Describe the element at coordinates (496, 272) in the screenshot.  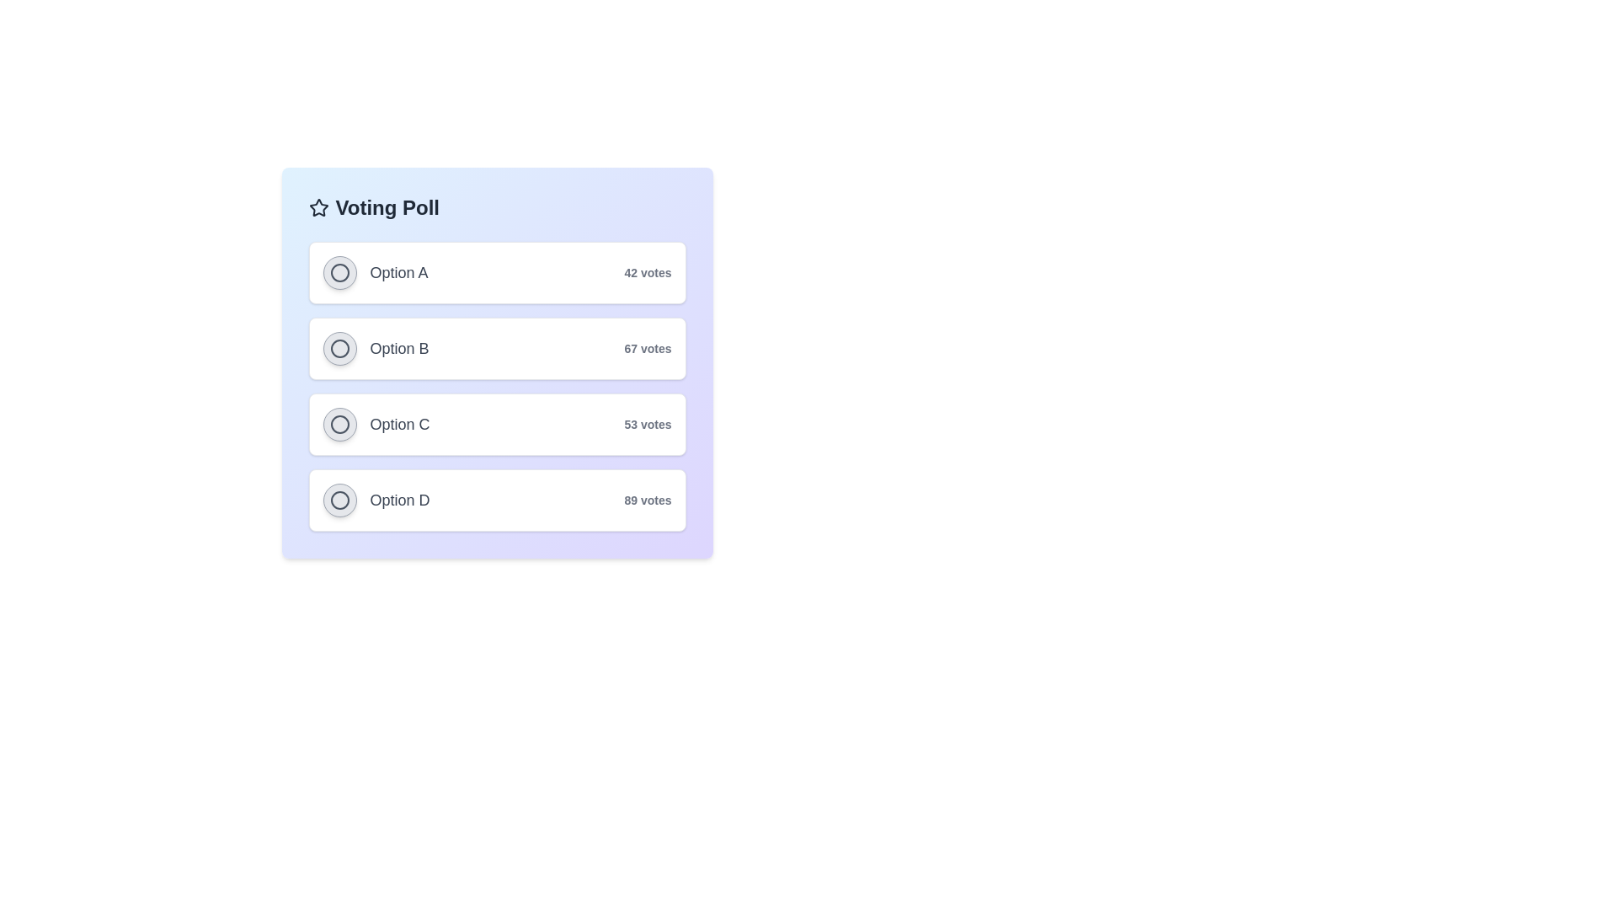
I see `the circular radio button labeled 'Option A' on the topmost card in the voting poll` at that location.